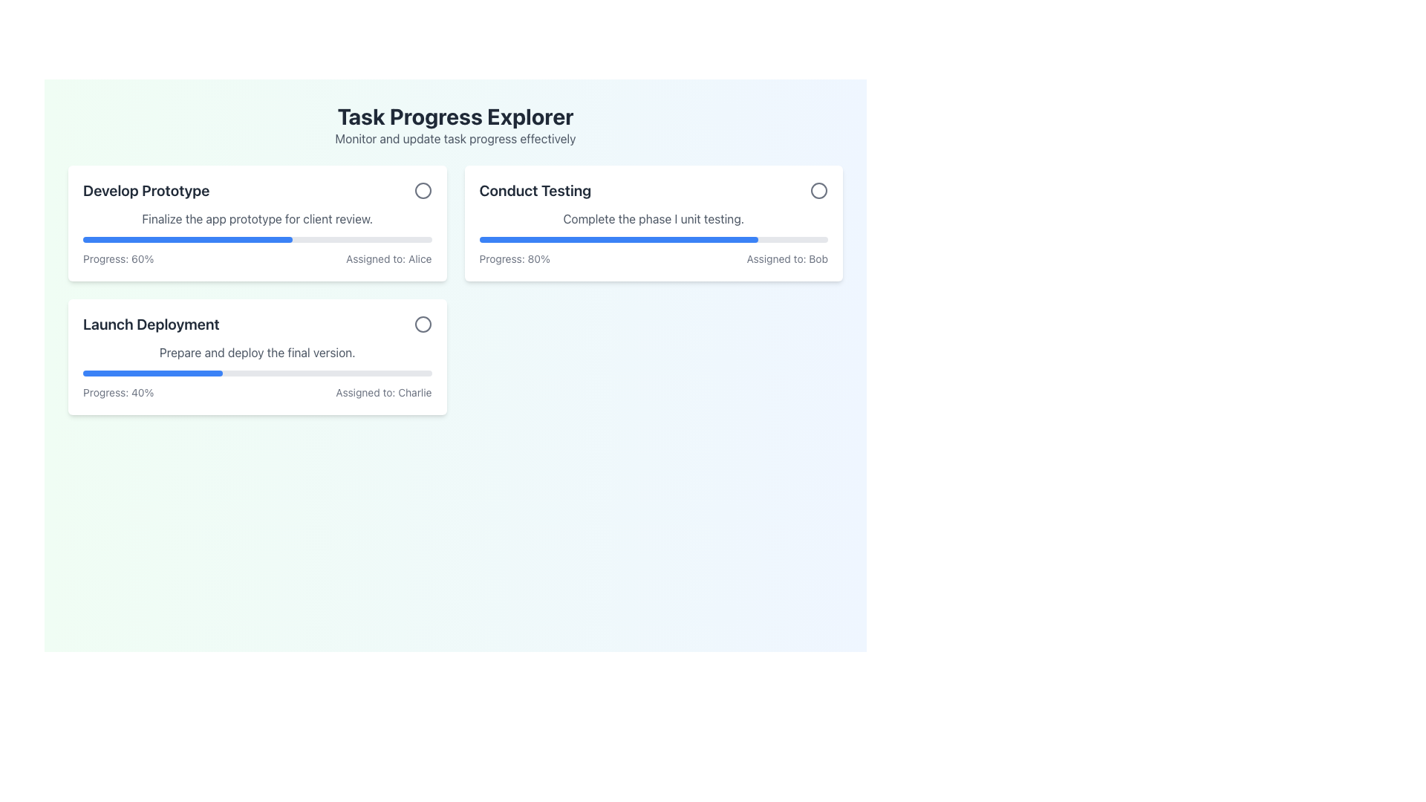 The width and height of the screenshot is (1426, 802). I want to click on text displayed on the progress percentage label for the task 'Conduct Testing', which is located to the left of the text 'Assigned to: Bob', so click(515, 258).